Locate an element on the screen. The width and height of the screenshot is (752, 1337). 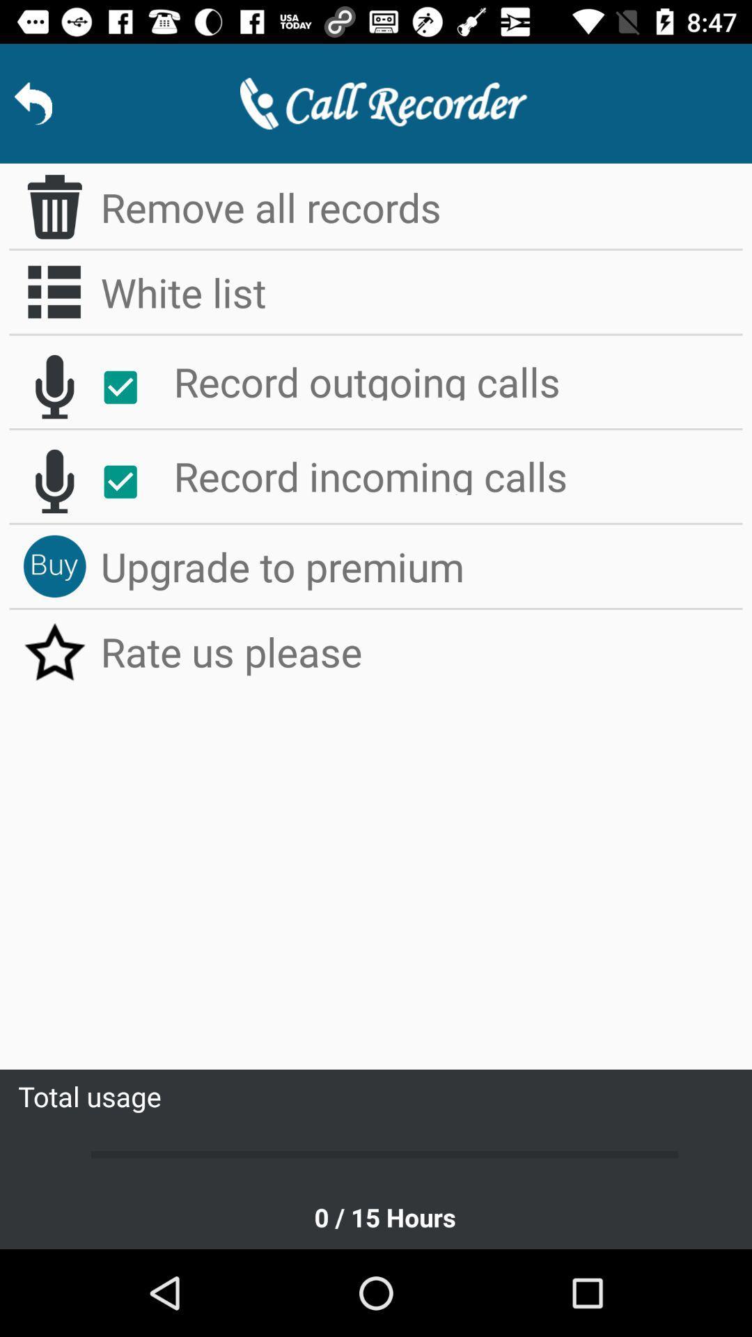
app to the left of remove all records is located at coordinates (54, 206).